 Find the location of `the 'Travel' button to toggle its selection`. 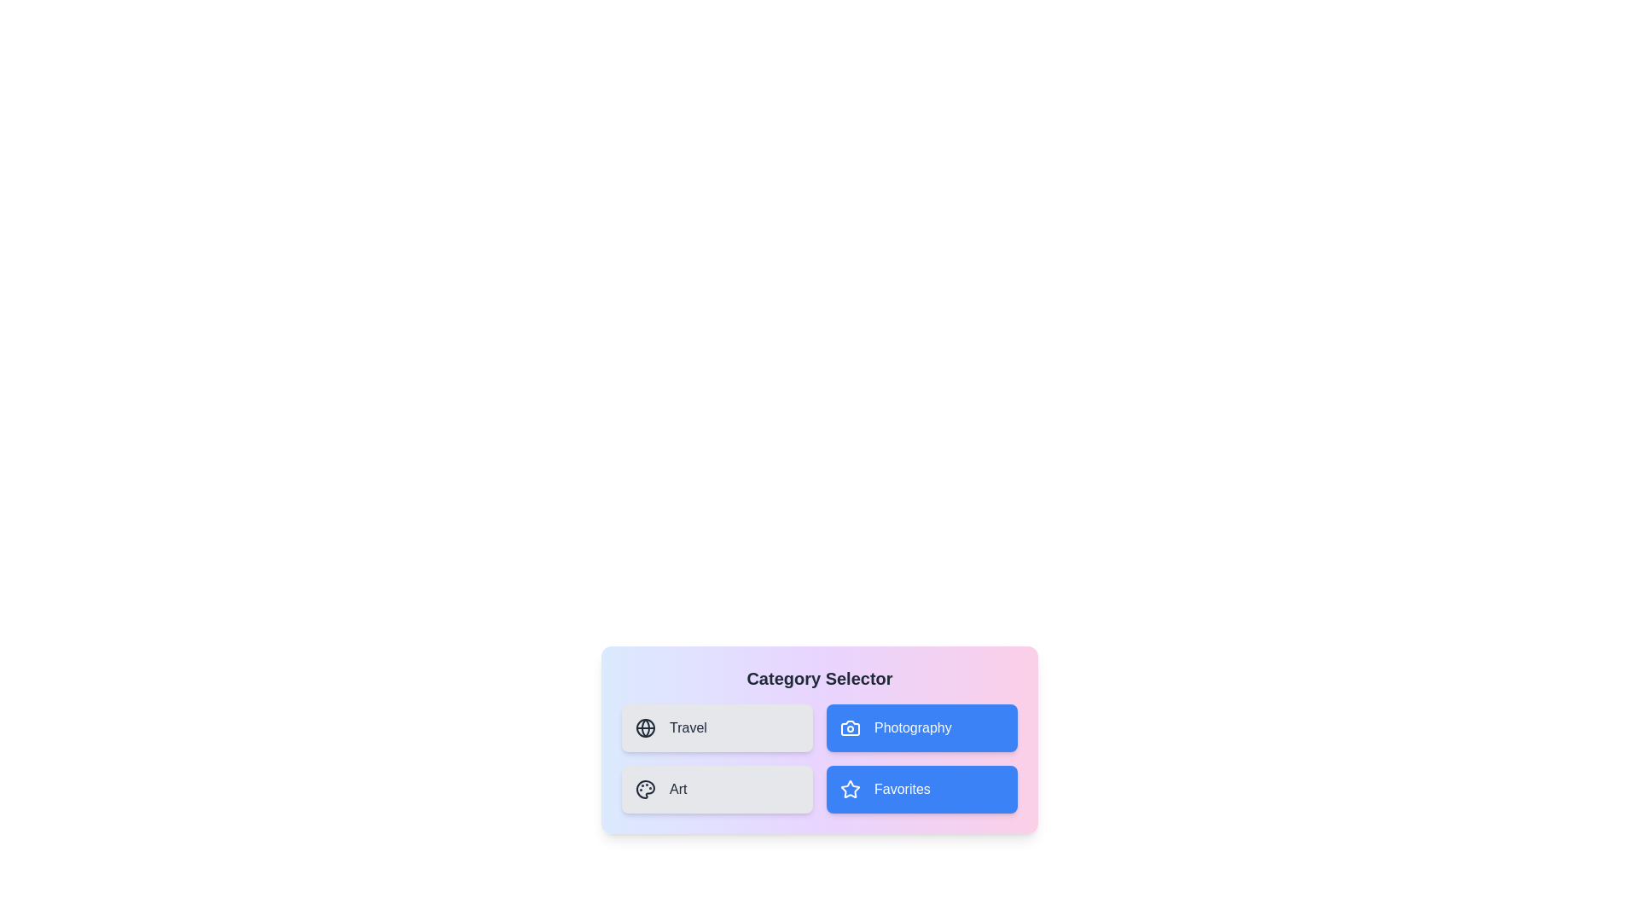

the 'Travel' button to toggle its selection is located at coordinates (717, 727).